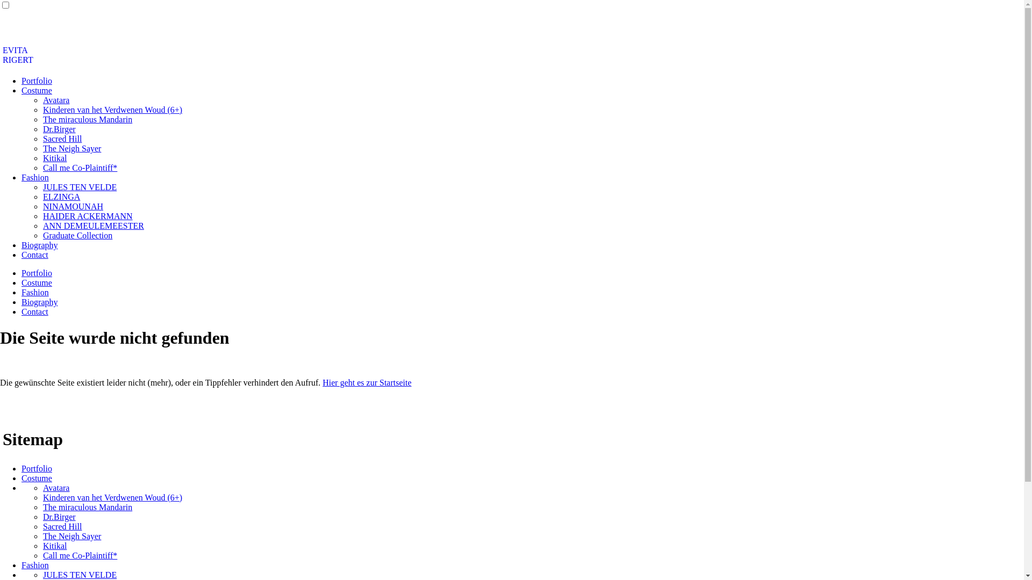  Describe the element at coordinates (61, 526) in the screenshot. I see `'Sacred Hill'` at that location.